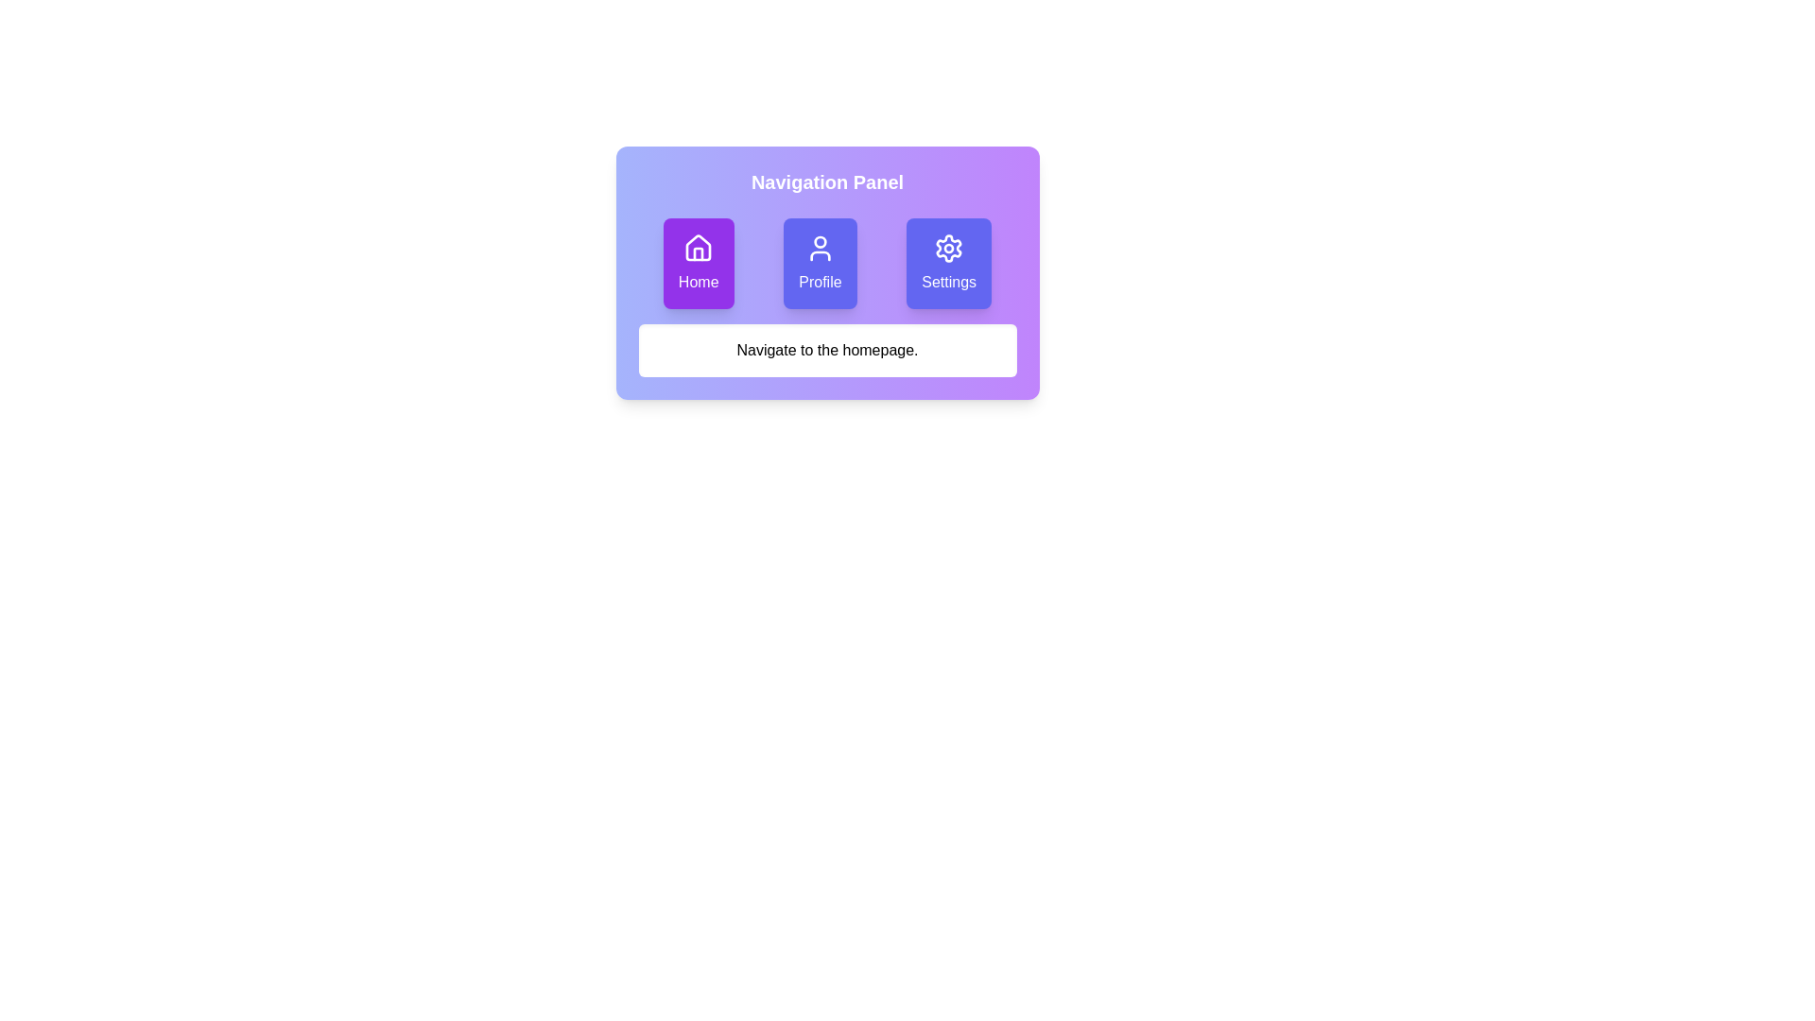  What do you see at coordinates (698, 263) in the screenshot?
I see `the Home button to explore its hover effect` at bounding box center [698, 263].